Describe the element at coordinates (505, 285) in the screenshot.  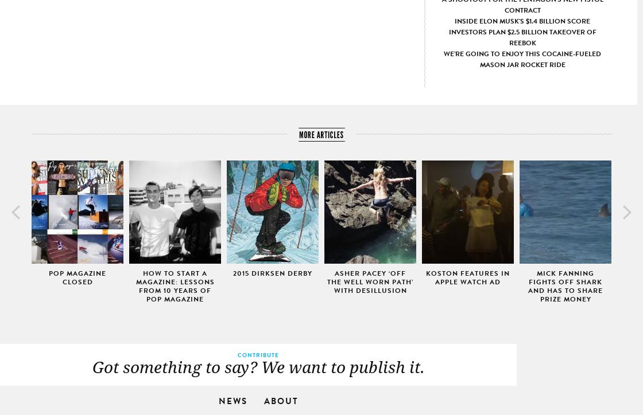
I see `'BRB, splurging on Nike gear :B'` at that location.